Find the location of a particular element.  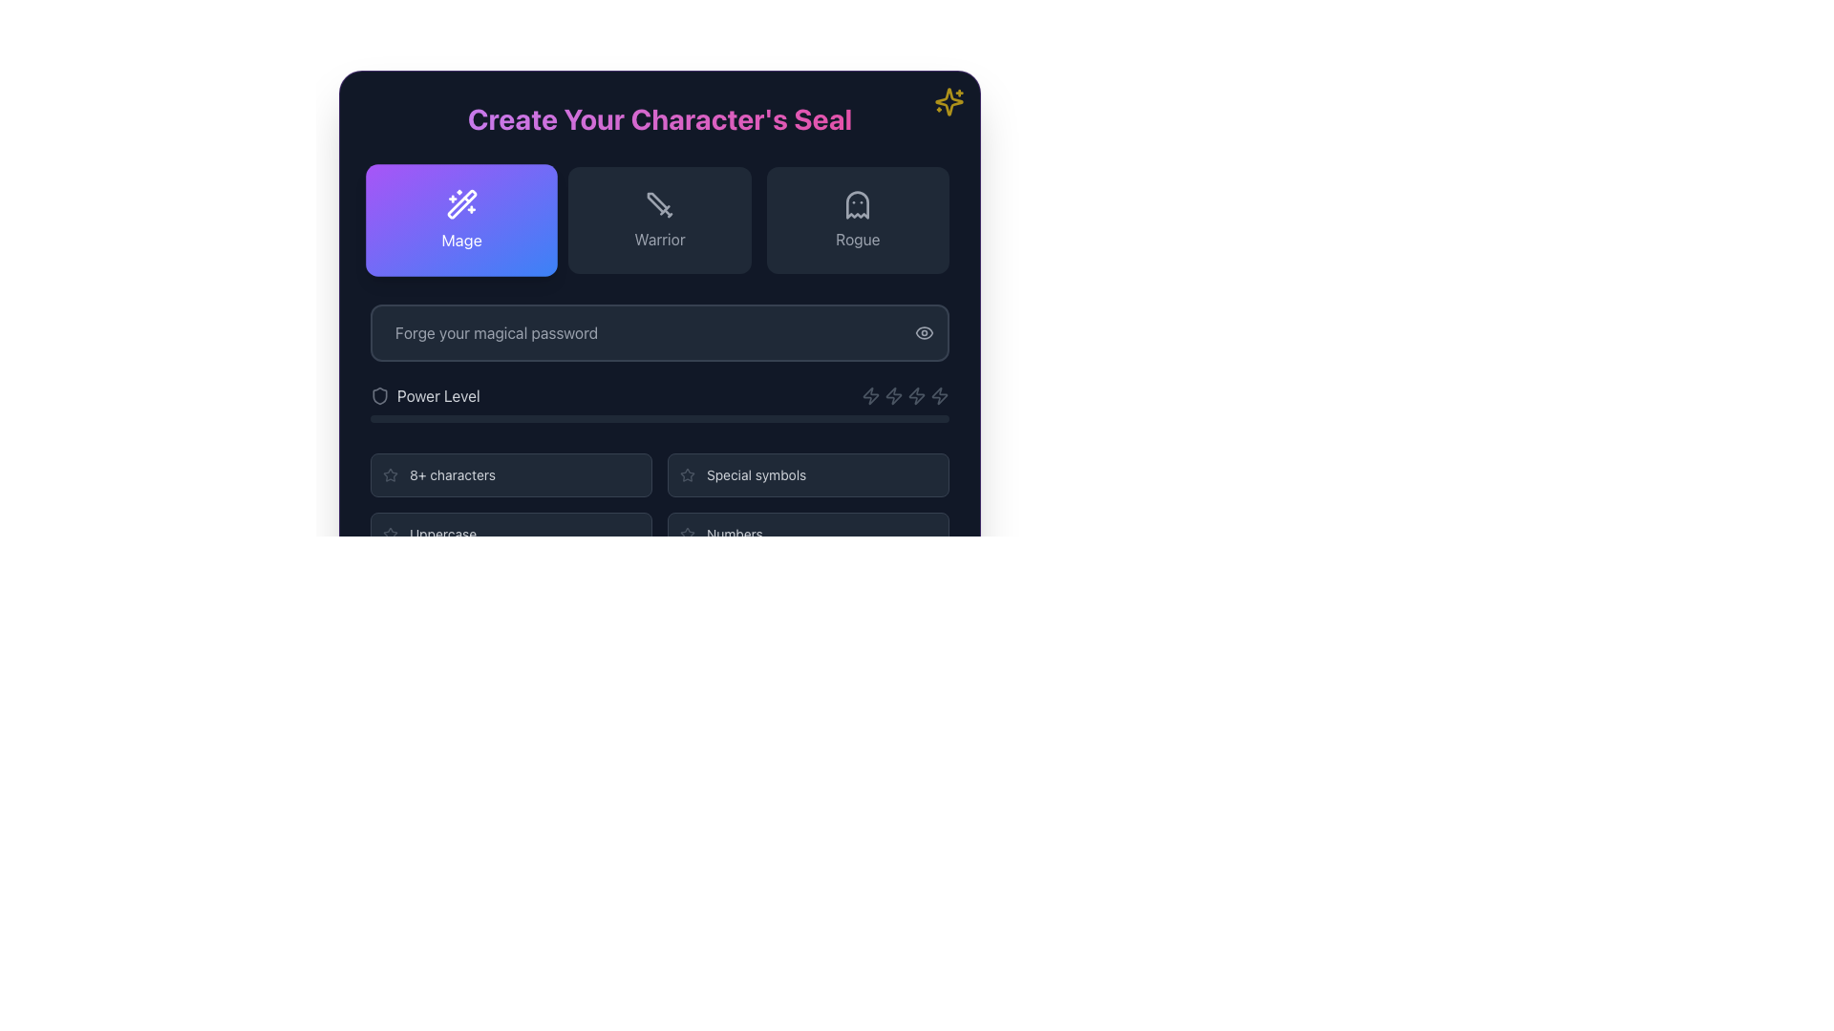

the interactive icon used for marking or emphasizing content, located near the top-right corner adjacent to the header text 'Create Your Character's Seal' is located at coordinates (389, 473).